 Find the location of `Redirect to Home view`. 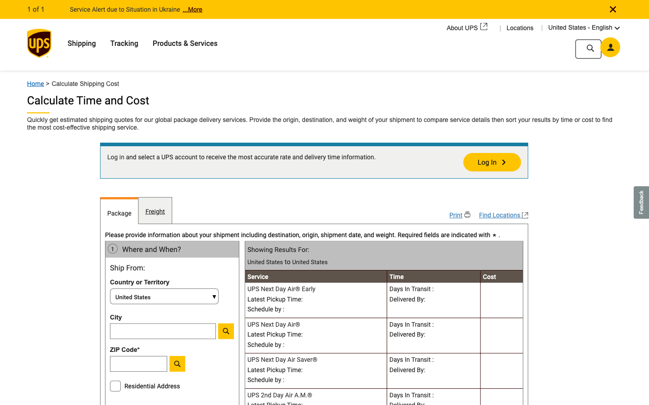

Redirect to Home view is located at coordinates (39, 81).